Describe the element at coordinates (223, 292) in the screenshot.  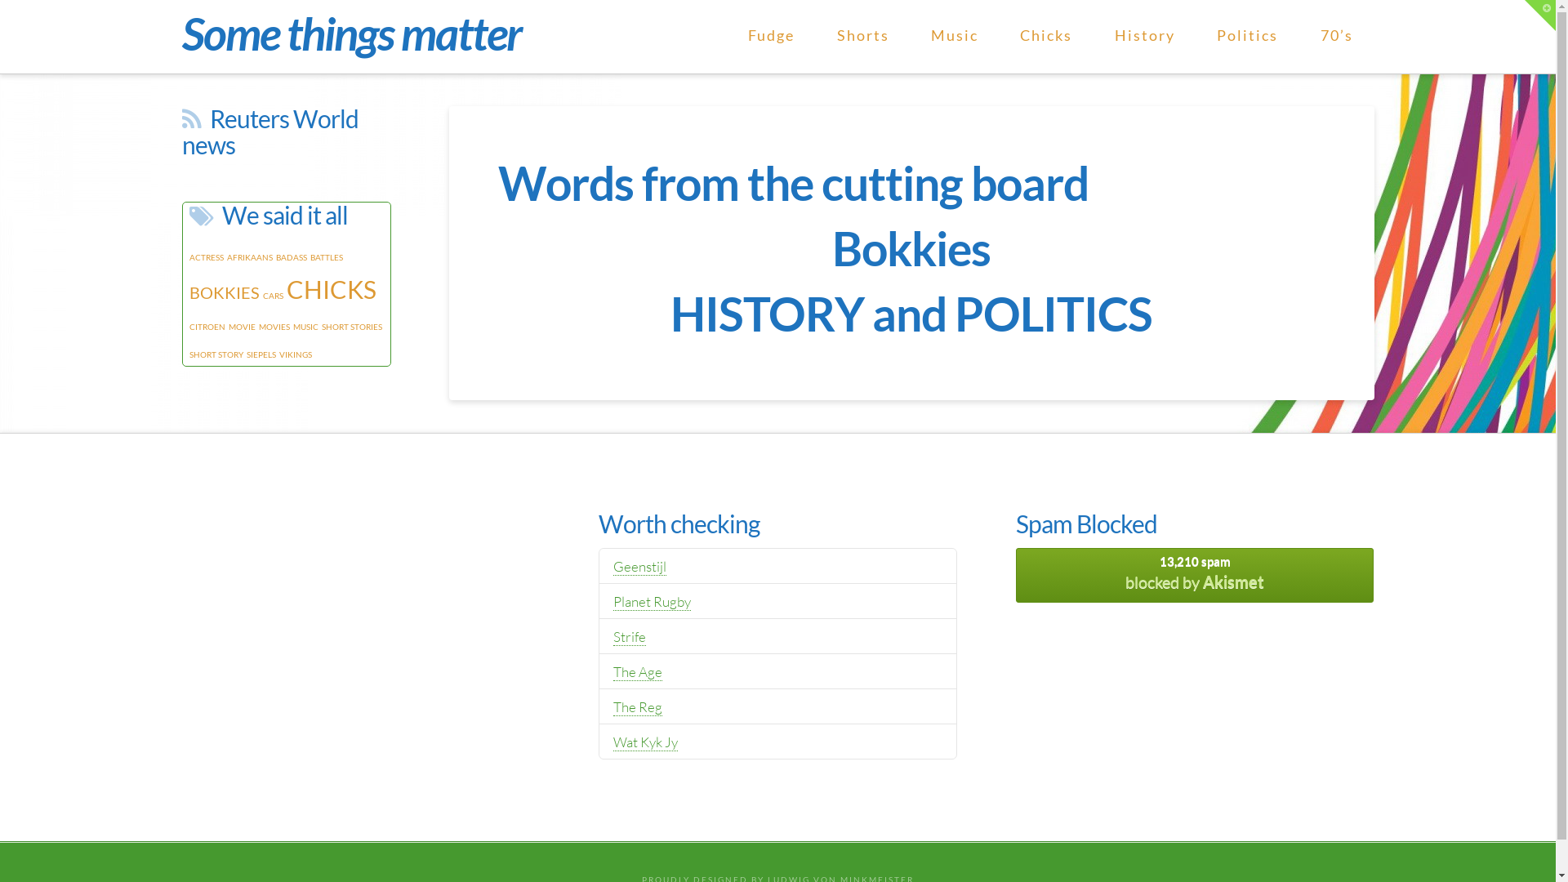
I see `'BOKKIES'` at that location.